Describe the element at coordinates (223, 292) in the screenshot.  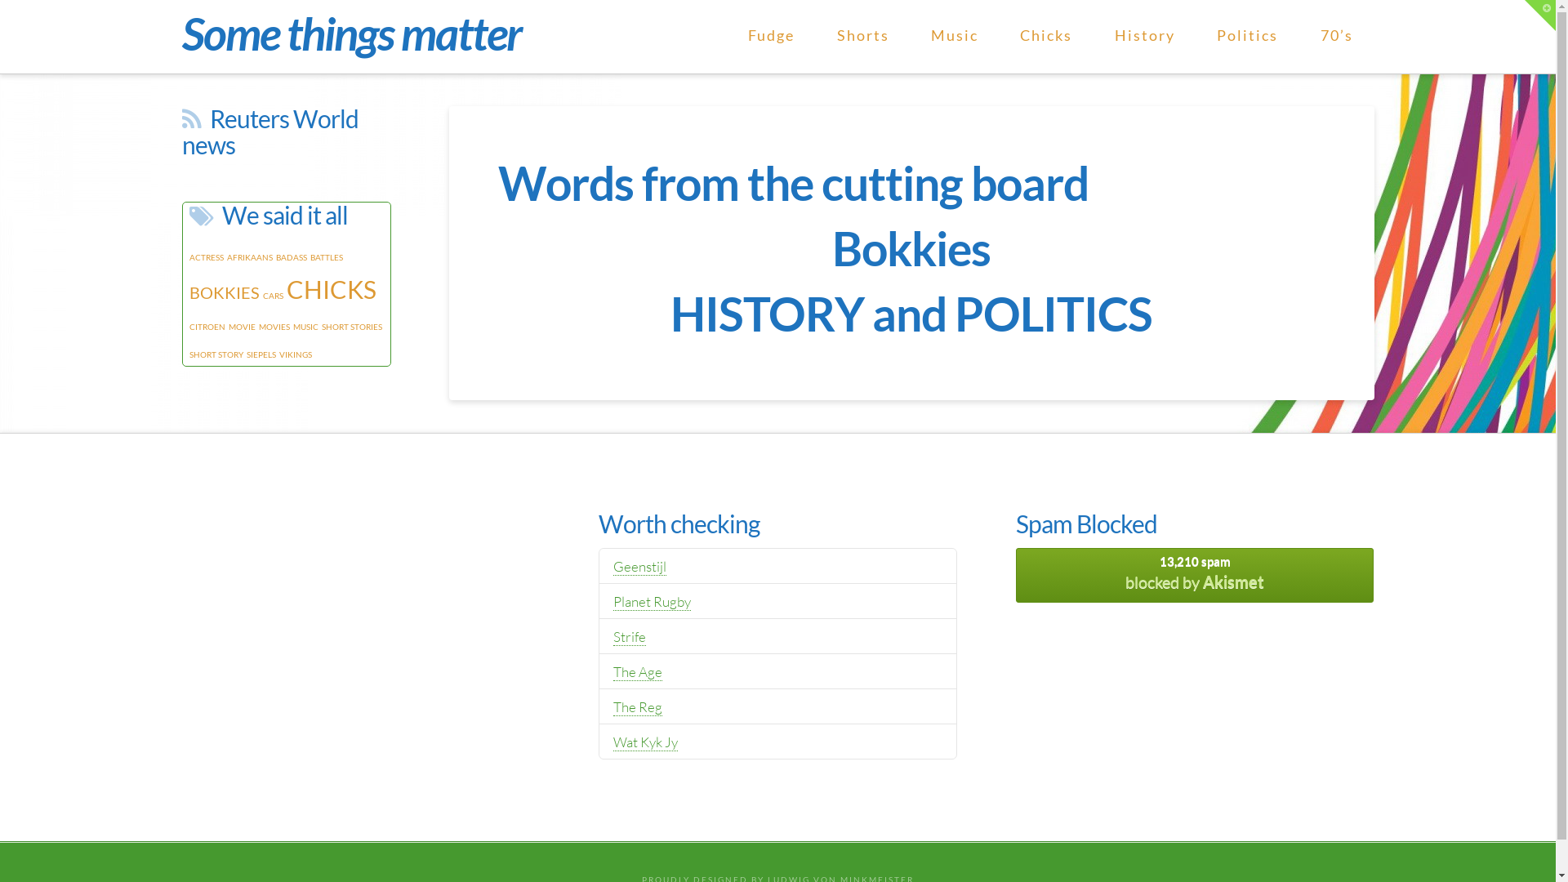
I see `'BOKKIES'` at that location.